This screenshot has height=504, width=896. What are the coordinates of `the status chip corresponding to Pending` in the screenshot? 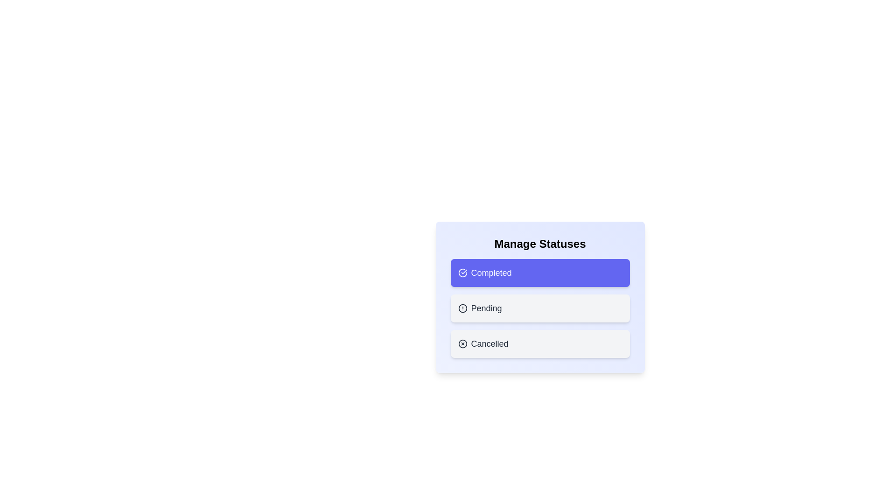 It's located at (540, 308).